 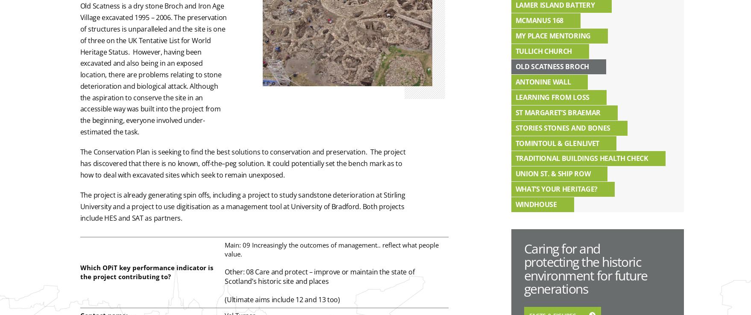 I want to click on 'Caring for and protecting the historic environment for future generations', so click(x=585, y=268).